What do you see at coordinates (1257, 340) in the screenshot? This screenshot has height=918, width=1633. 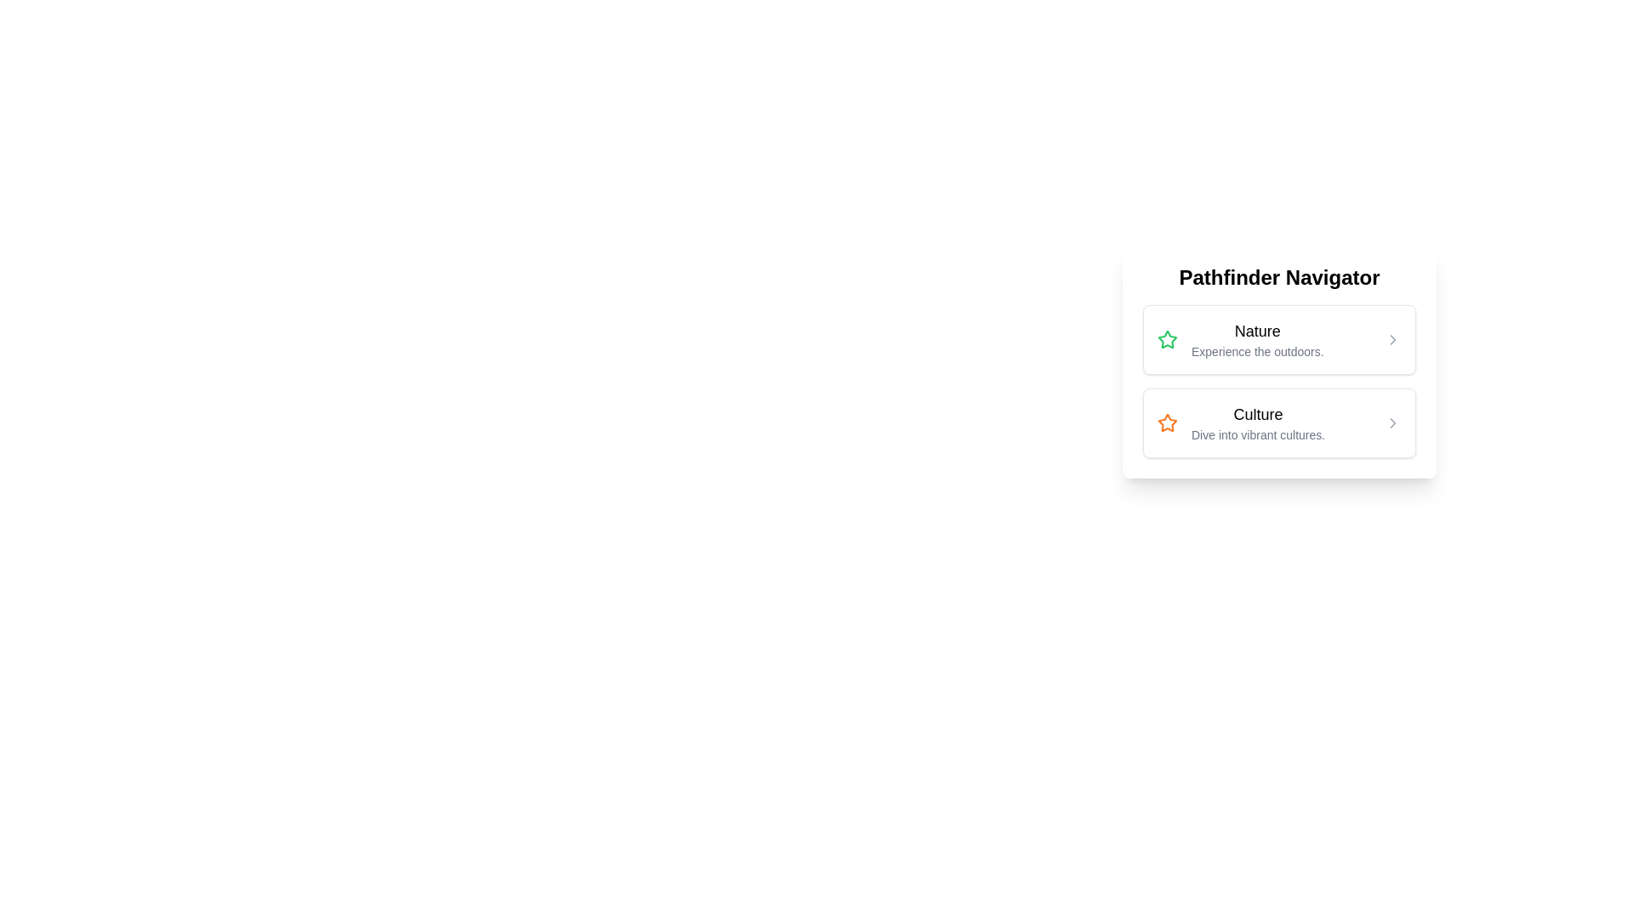 I see `the text 'Nature' to trigger a tooltip or highlight, located in the first entry of the 'Pathfinder Navigator' card section` at bounding box center [1257, 340].